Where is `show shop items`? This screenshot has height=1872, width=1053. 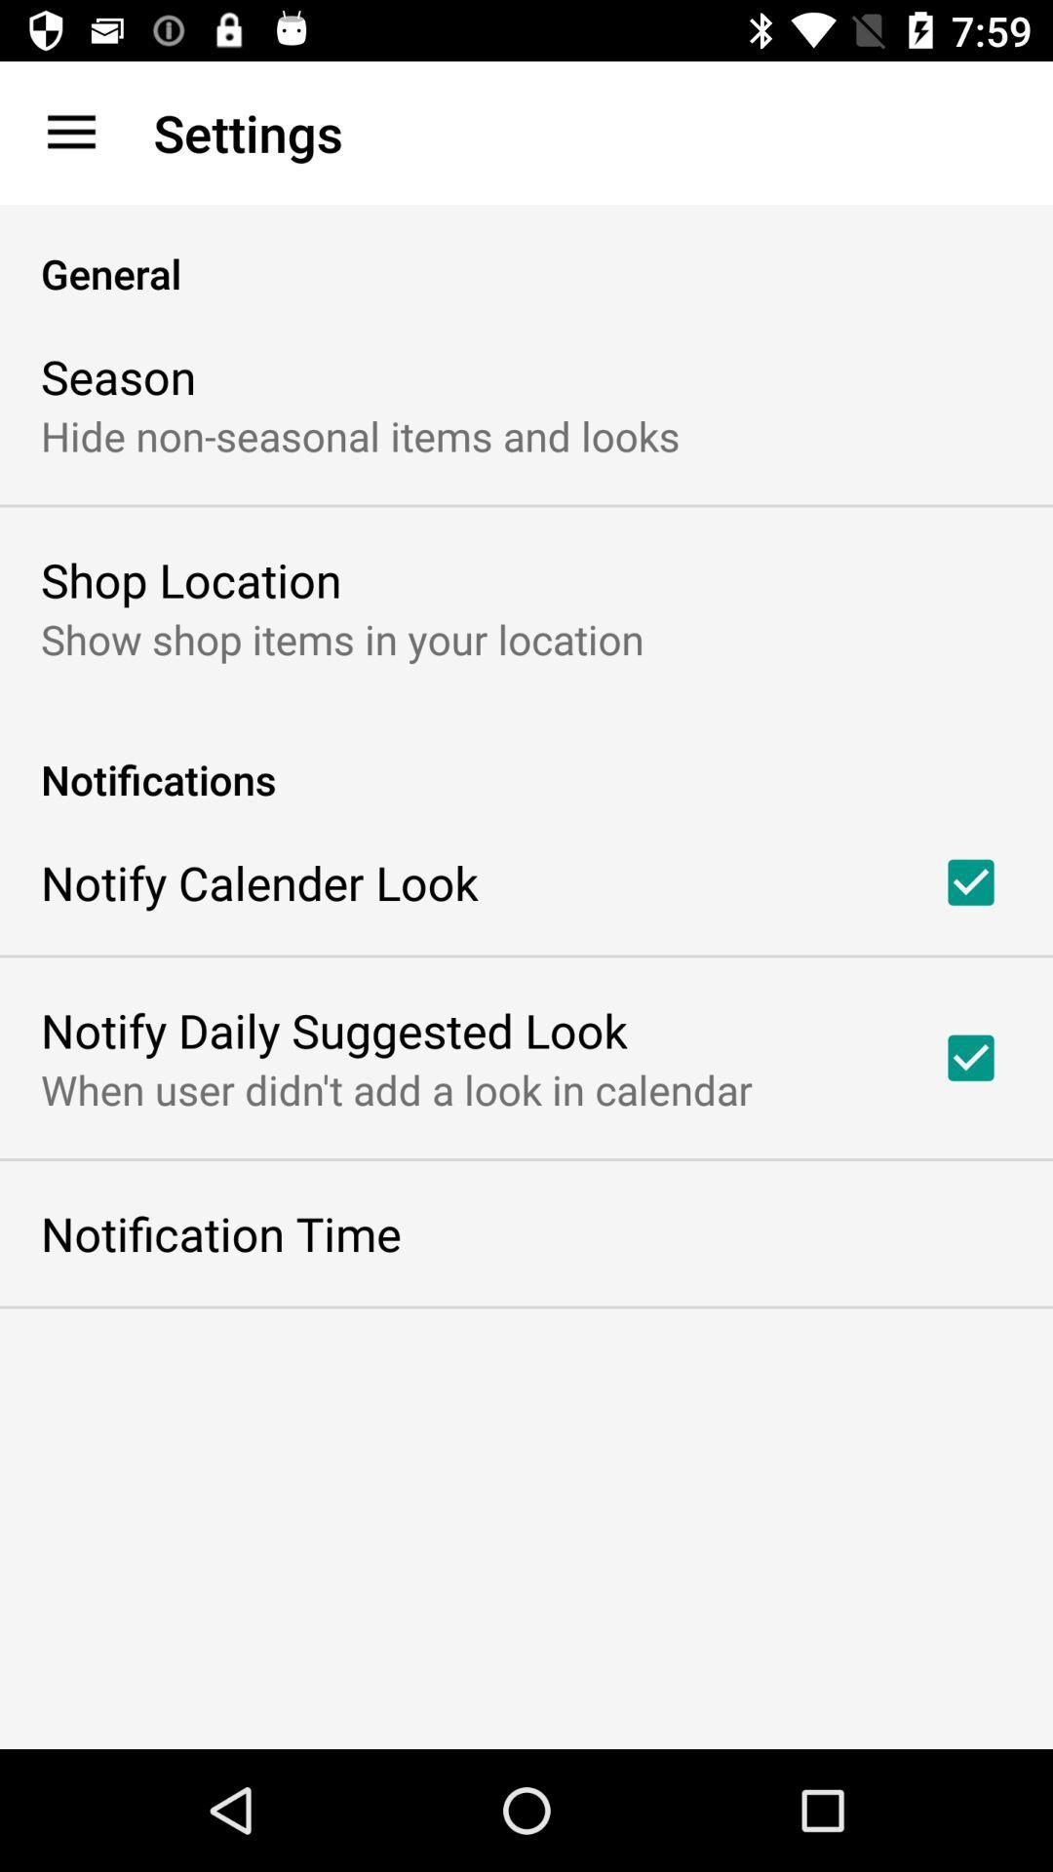 show shop items is located at coordinates (341, 639).